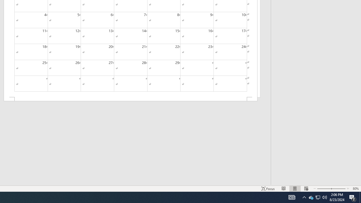 The height and width of the screenshot is (203, 361). Describe the element at coordinates (337, 189) in the screenshot. I see `'Zoom In'` at that location.